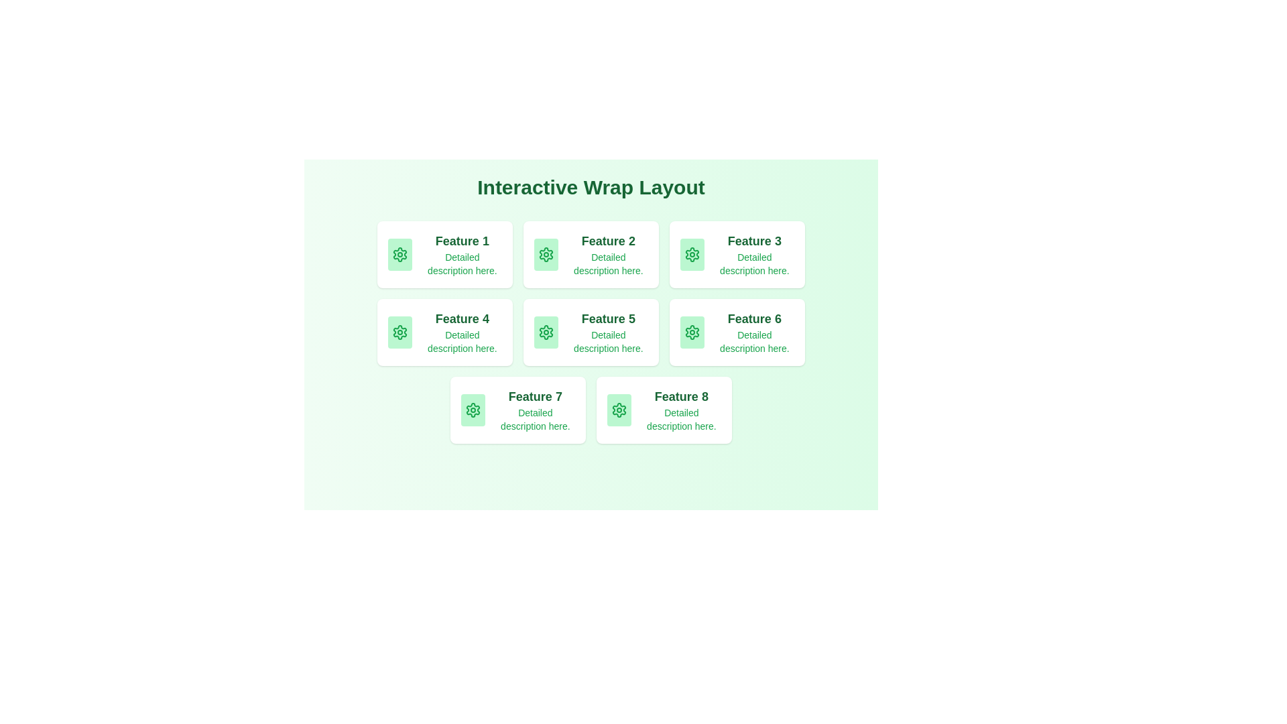 The height and width of the screenshot is (724, 1287). I want to click on the settings icon button located in the 'Feature 4' section, so click(399, 332).